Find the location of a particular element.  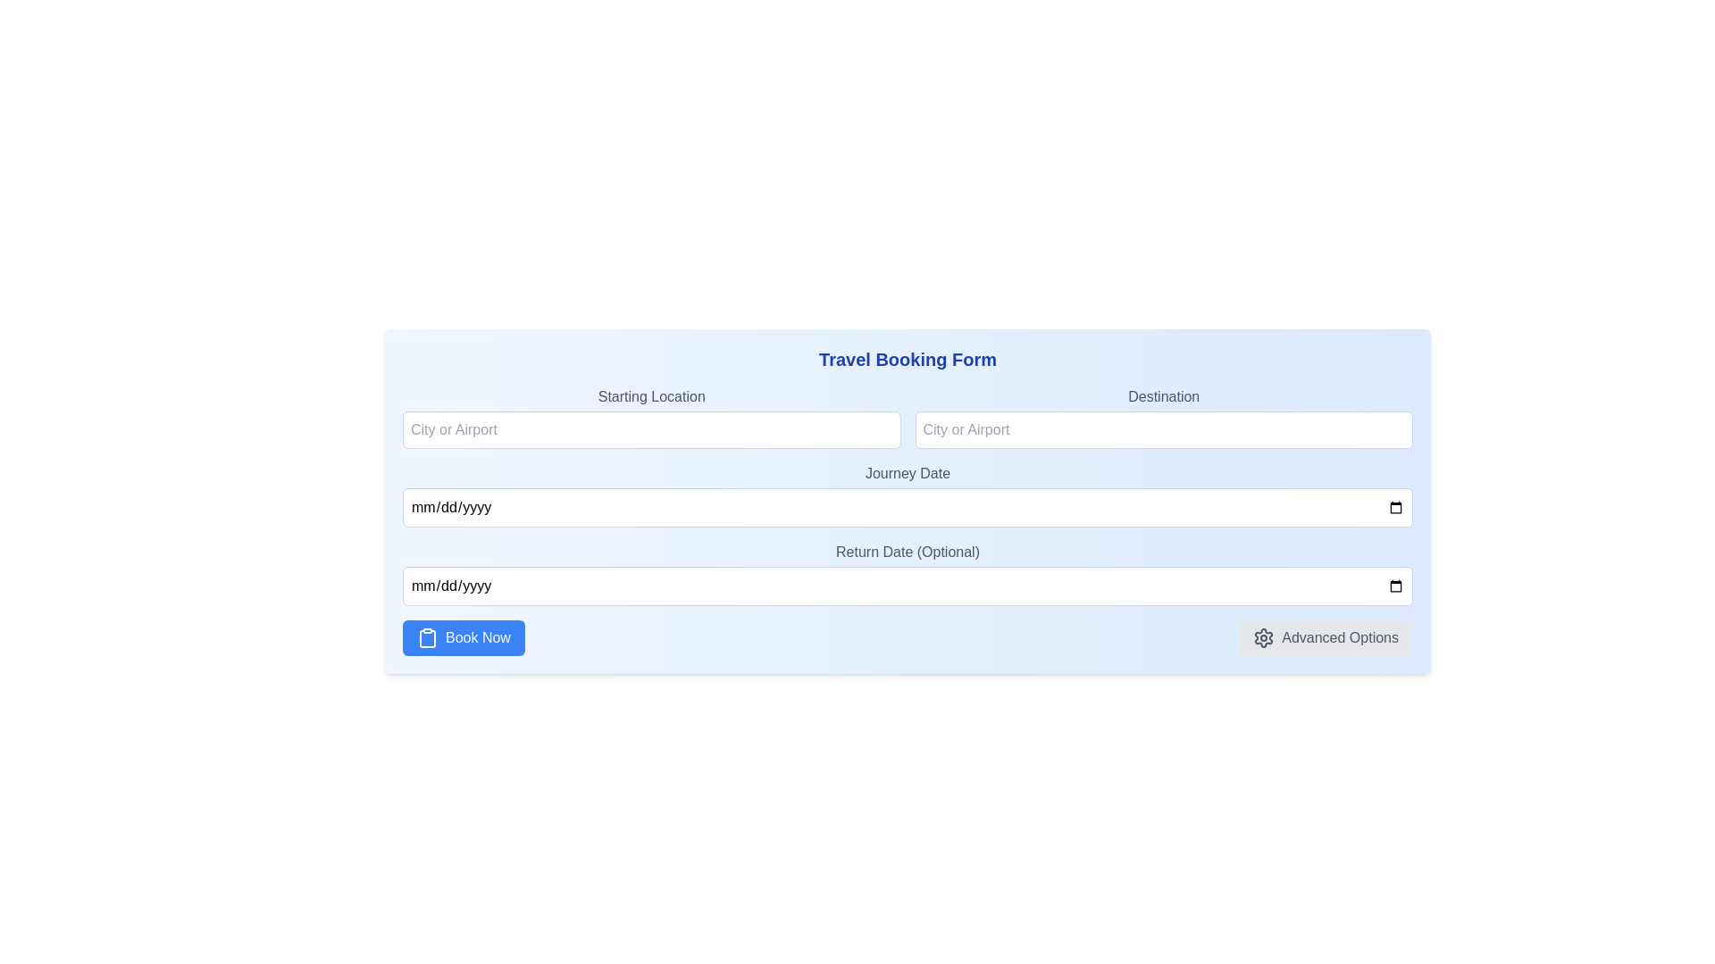

the date input field is located at coordinates (908, 495).